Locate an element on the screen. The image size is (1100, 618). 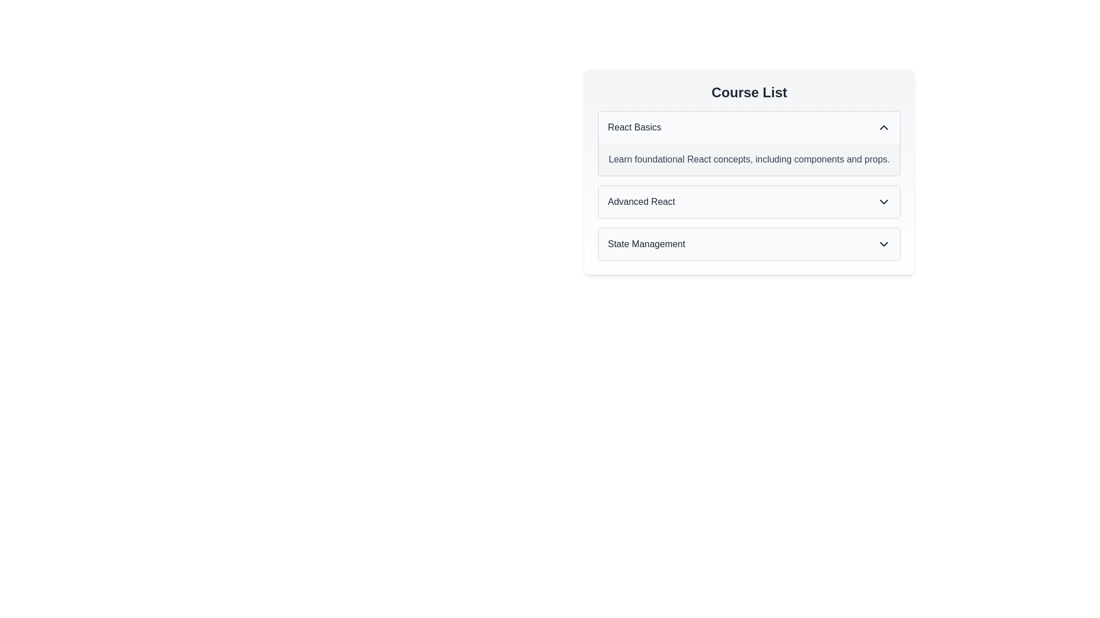
the 'Advanced React' button in the Course List to observe its hover effects is located at coordinates (749, 201).